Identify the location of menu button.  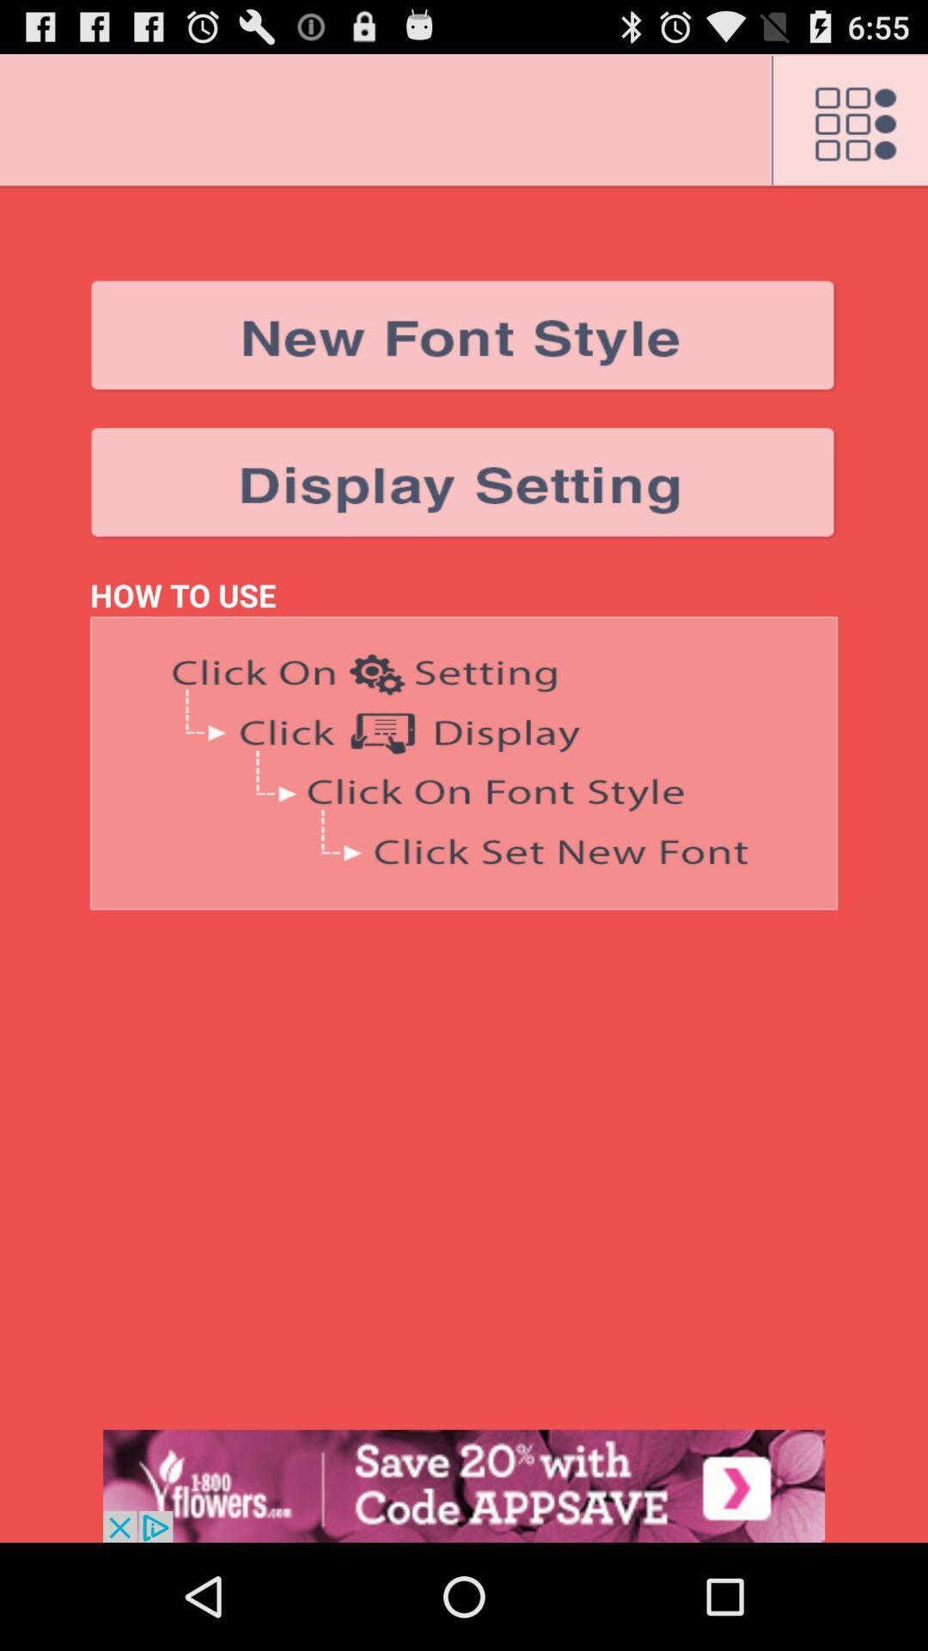
(848, 120).